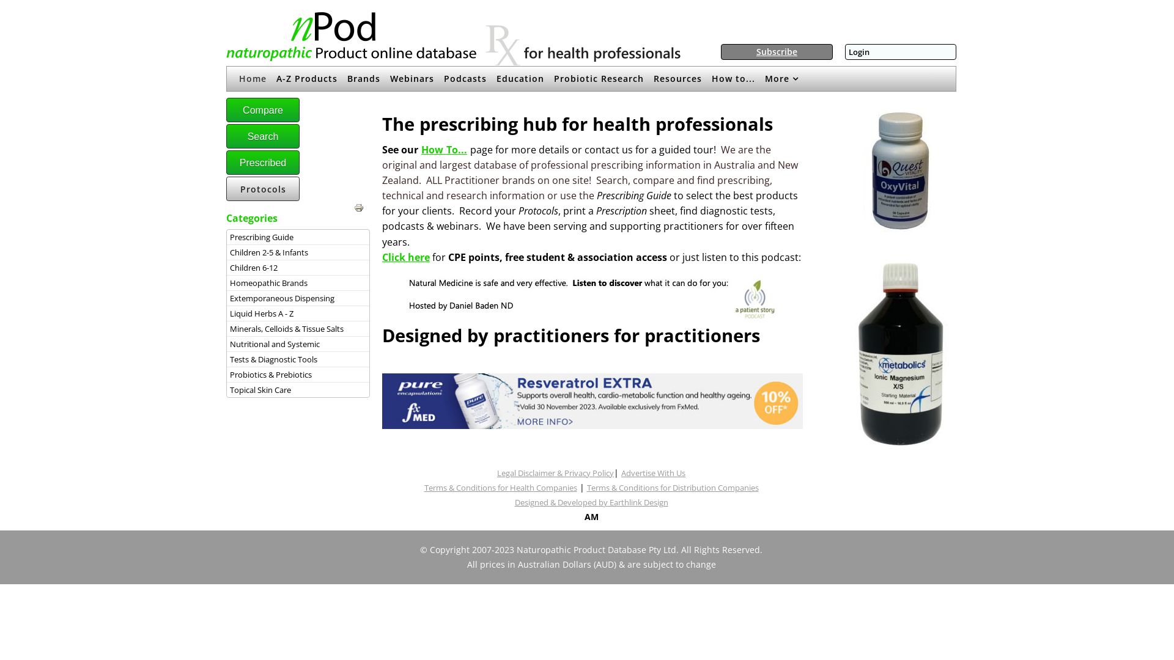 The height and width of the screenshot is (660, 1174). Describe the element at coordinates (591, 502) in the screenshot. I see `'Designed & Developed by Earthlink Design'` at that location.